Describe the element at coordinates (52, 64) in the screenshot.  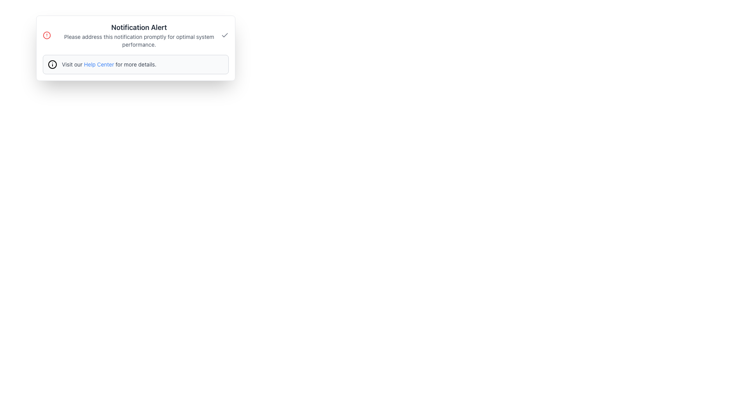
I see `the information icon located to the far left of the text snippet 'Visit our Help Center for more details.', positioned centrally vertically relative to the adjacent text` at that location.